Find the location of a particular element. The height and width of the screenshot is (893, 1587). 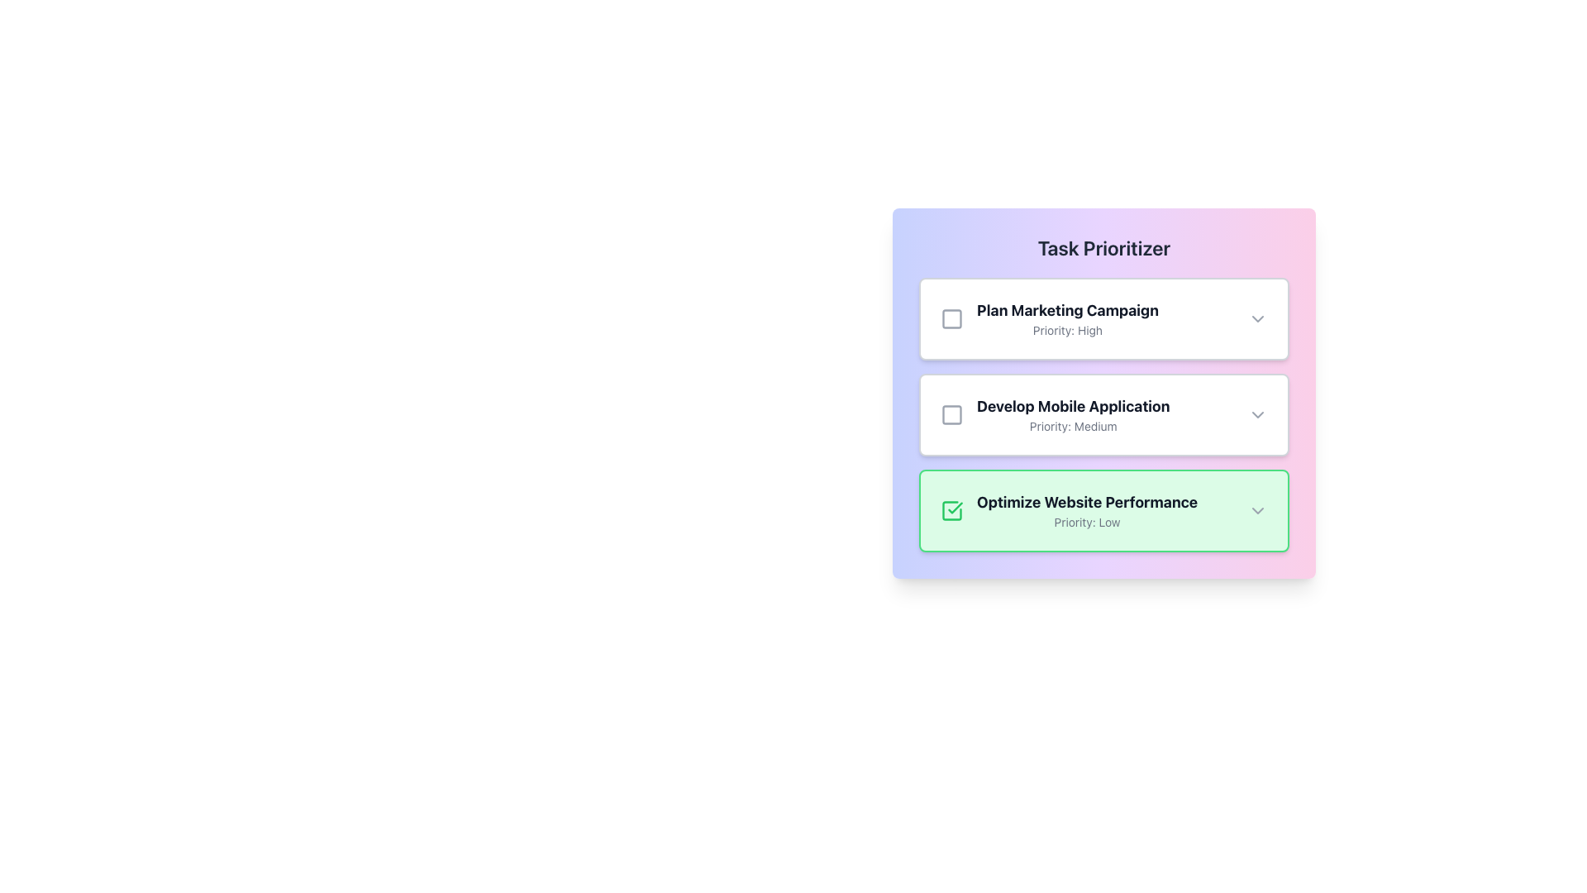

the Information panel displaying 'Develop Mobile Application' is located at coordinates (1103, 413).